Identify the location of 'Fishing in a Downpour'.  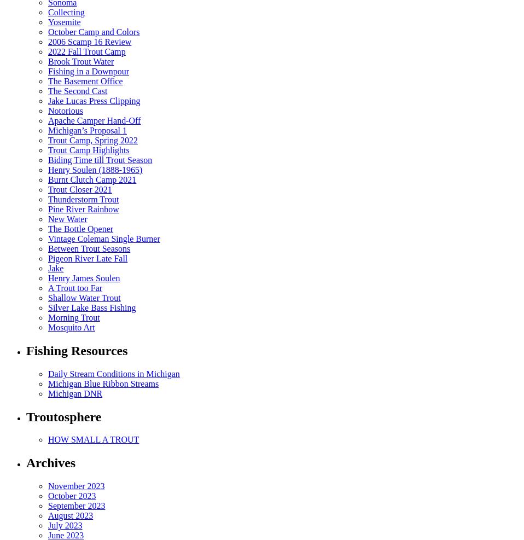
(88, 71).